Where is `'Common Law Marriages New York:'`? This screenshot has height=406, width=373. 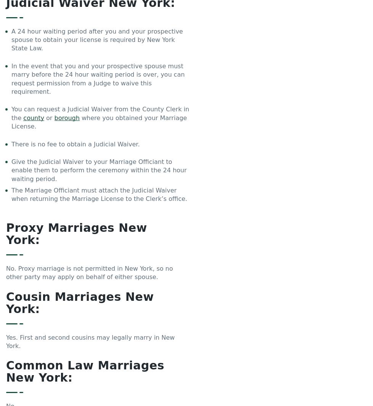 'Common Law Marriages New York:' is located at coordinates (85, 371).